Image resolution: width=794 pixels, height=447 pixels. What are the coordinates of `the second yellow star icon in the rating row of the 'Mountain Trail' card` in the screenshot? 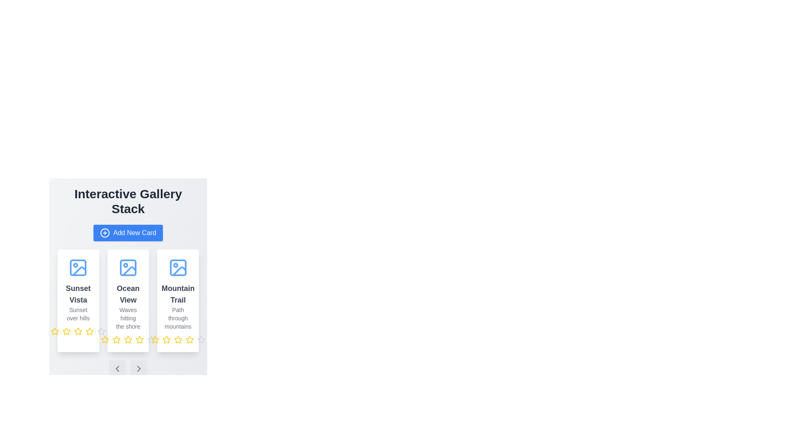 It's located at (166, 339).